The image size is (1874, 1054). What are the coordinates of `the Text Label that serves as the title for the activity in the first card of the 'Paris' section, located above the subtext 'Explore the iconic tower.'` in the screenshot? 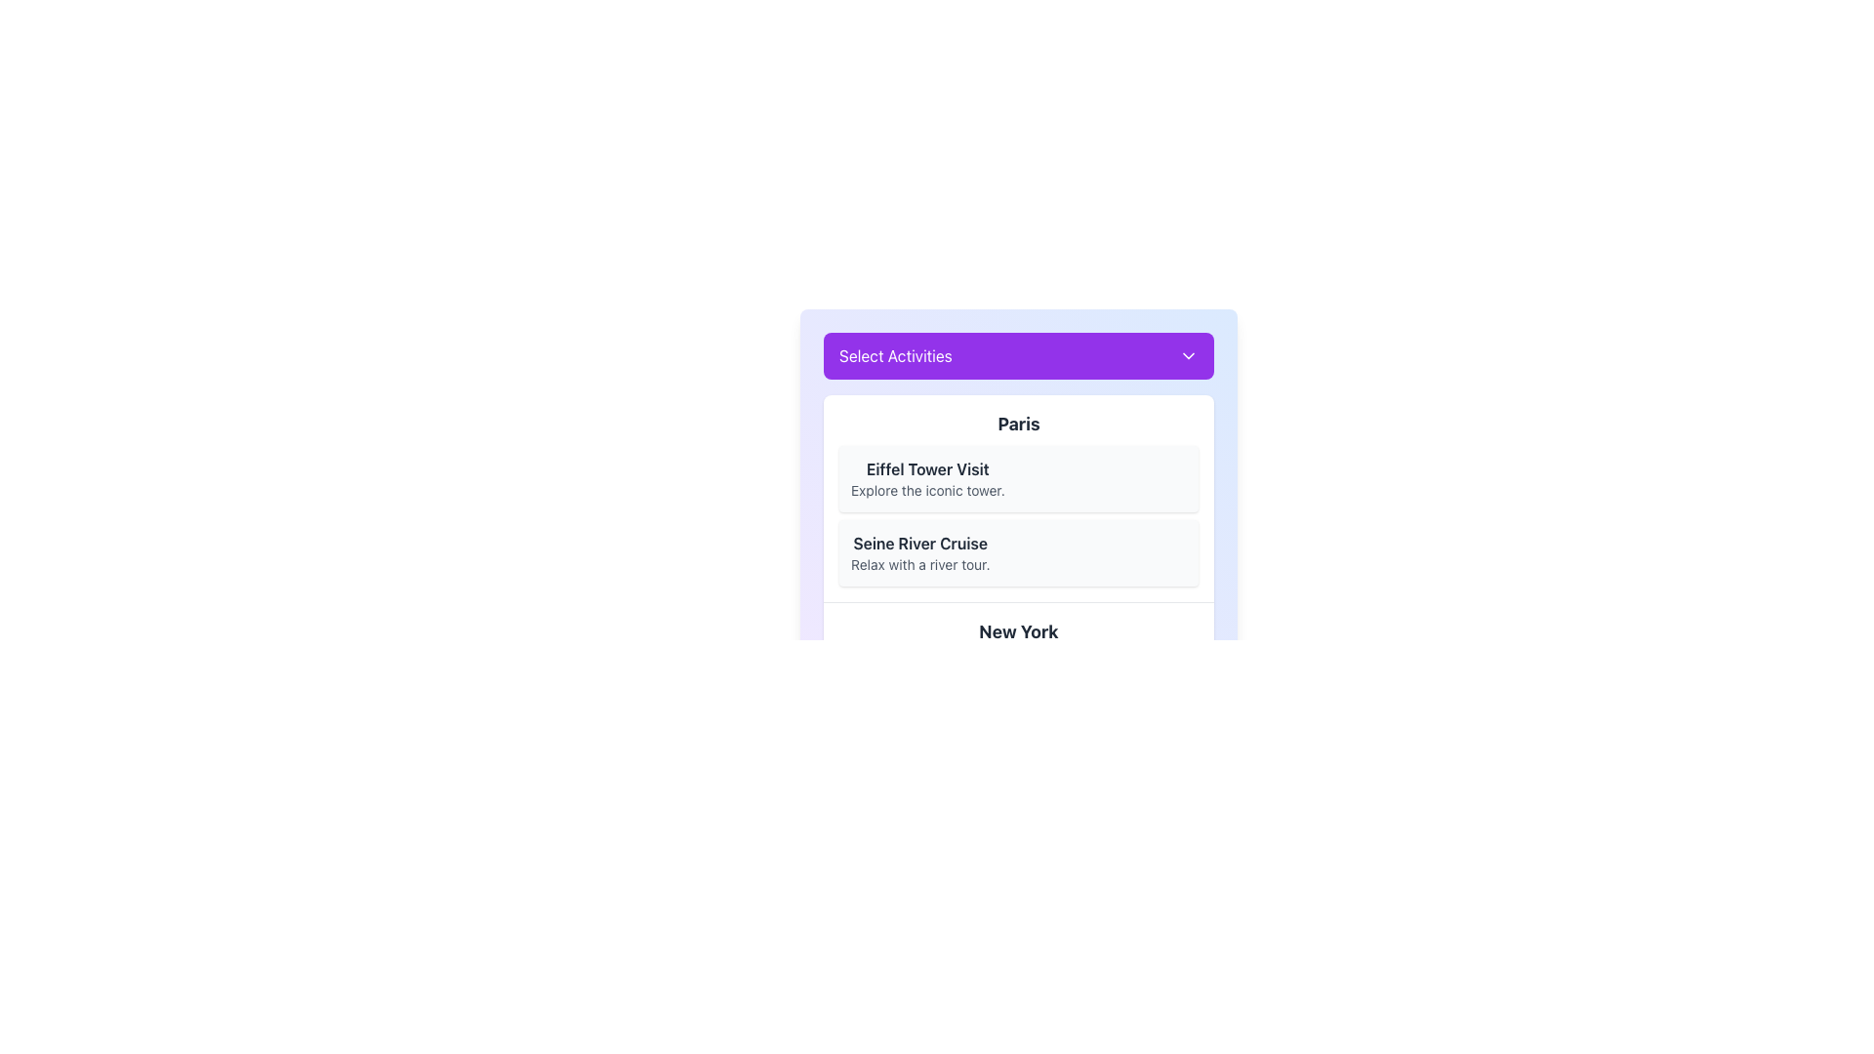 It's located at (926, 469).